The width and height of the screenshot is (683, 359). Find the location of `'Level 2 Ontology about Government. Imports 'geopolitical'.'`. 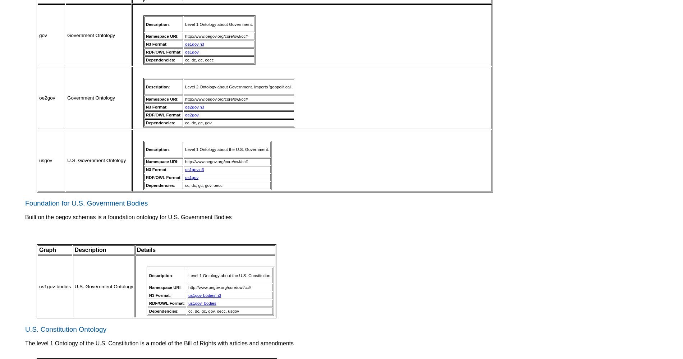

'Level 2 Ontology about Government. Imports 'geopolitical'.' is located at coordinates (239, 87).